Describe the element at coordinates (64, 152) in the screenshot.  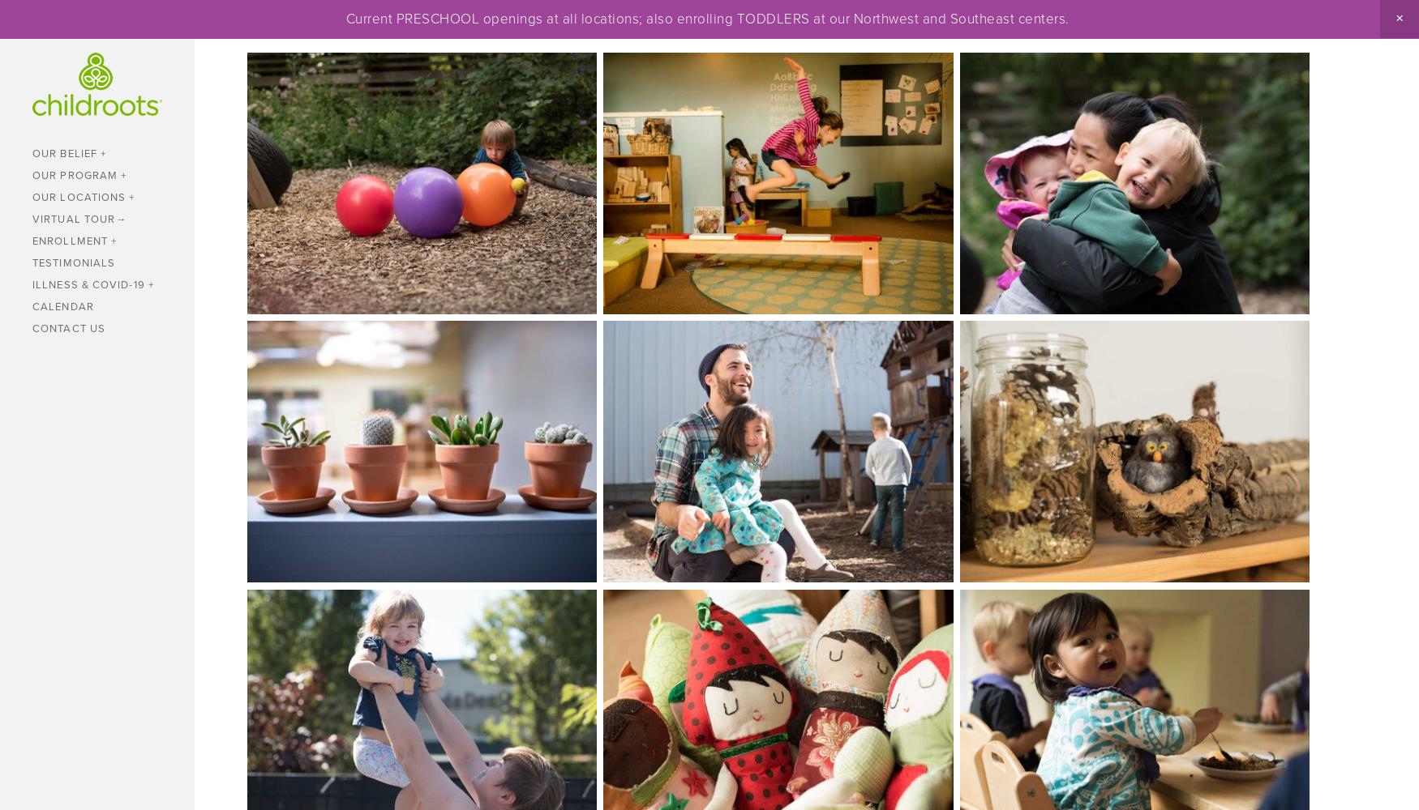
I see `'Our Belief'` at that location.